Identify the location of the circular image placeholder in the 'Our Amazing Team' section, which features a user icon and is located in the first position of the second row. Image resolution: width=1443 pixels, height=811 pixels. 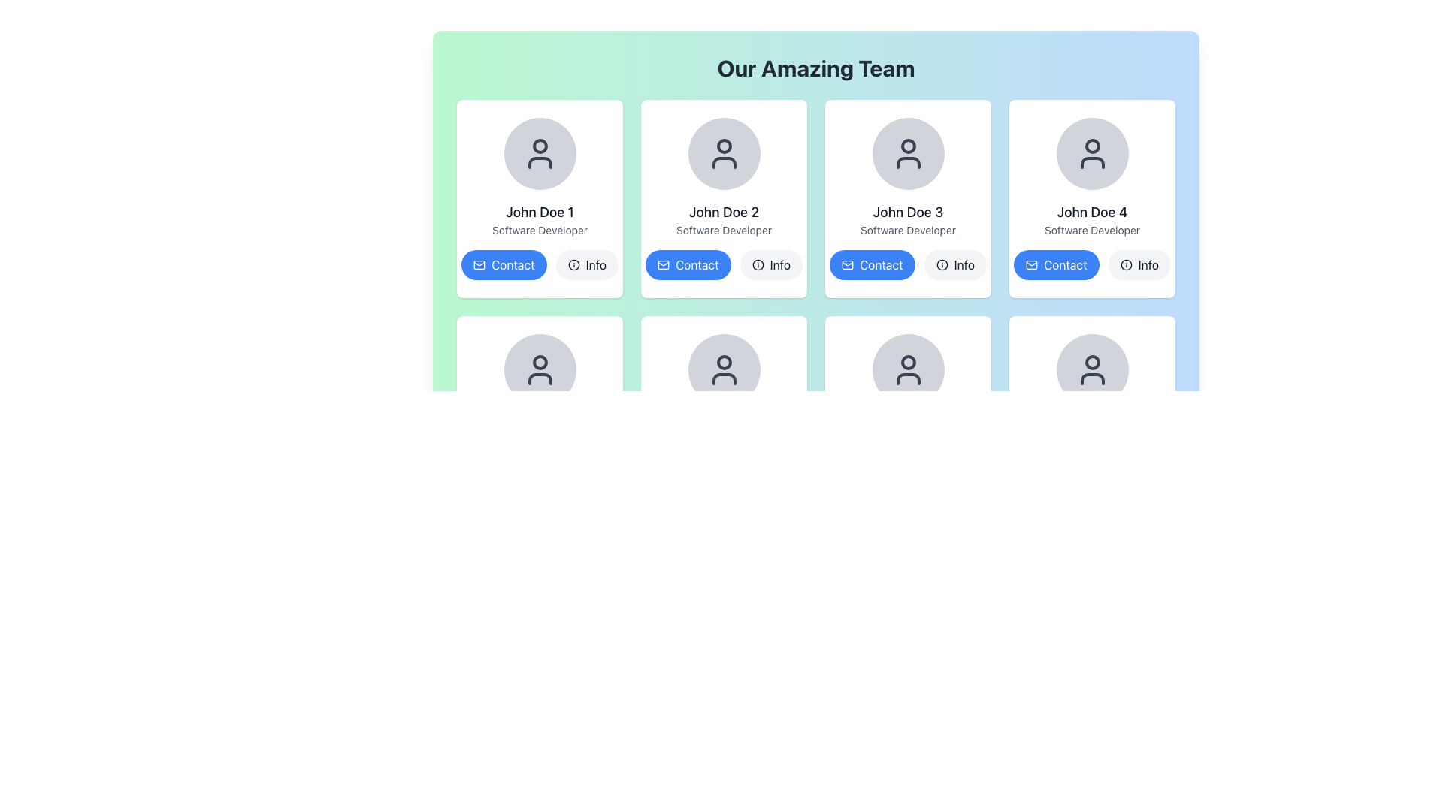
(540, 370).